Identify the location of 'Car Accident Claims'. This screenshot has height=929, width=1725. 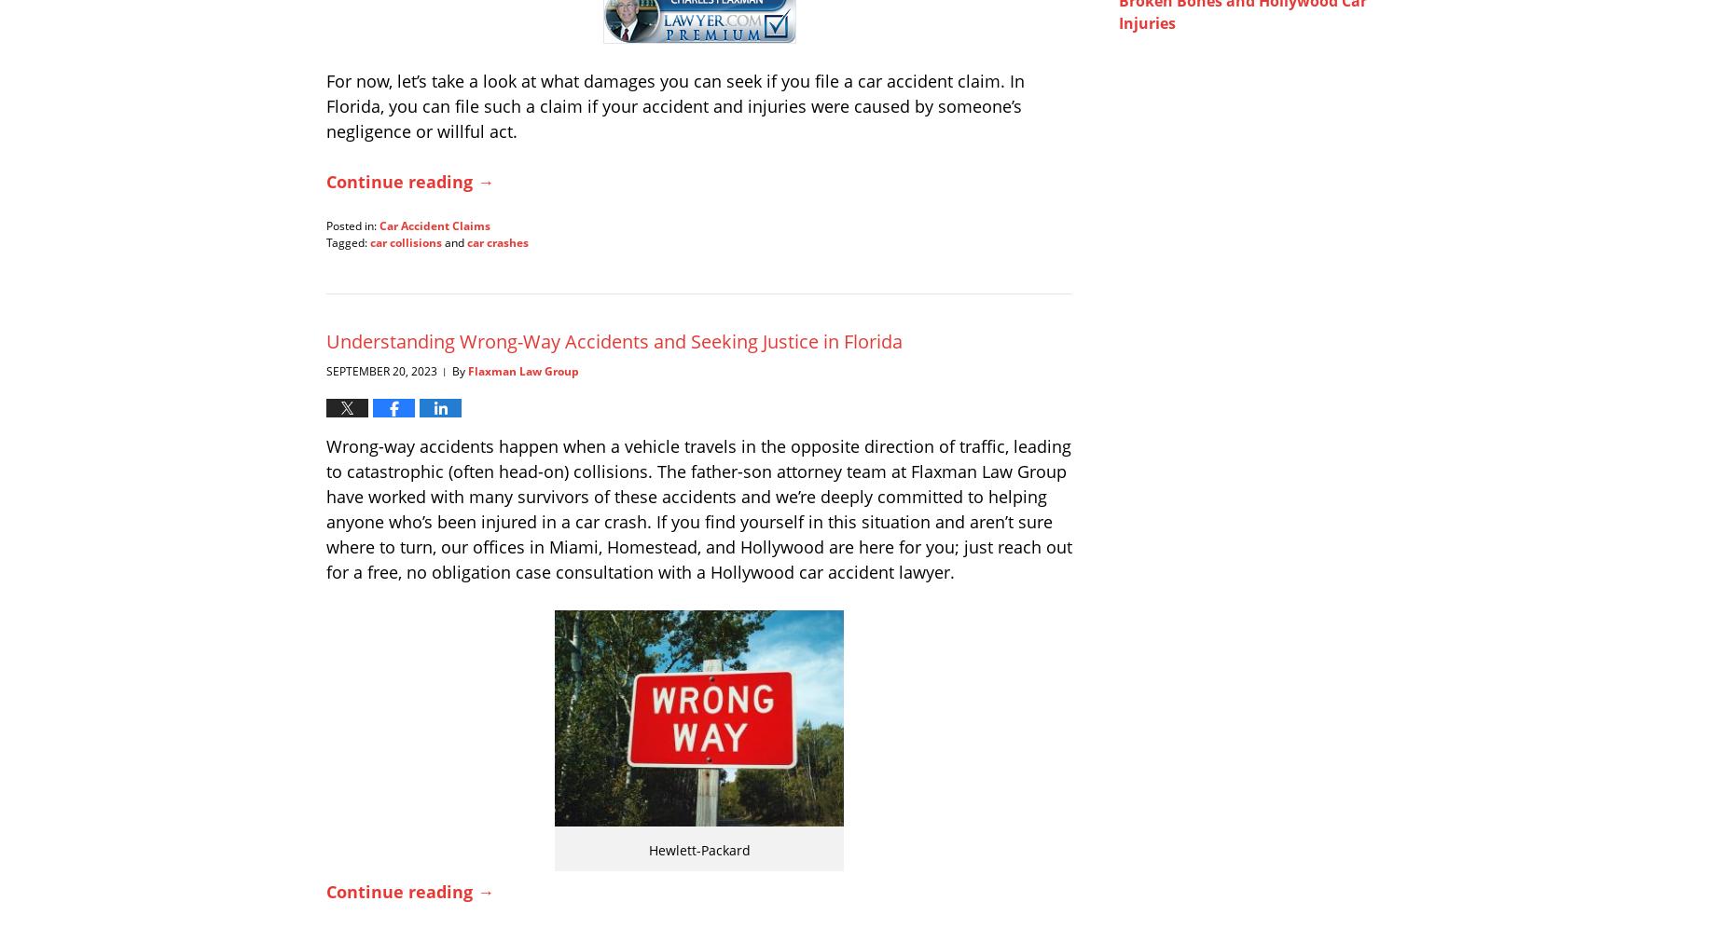
(435, 224).